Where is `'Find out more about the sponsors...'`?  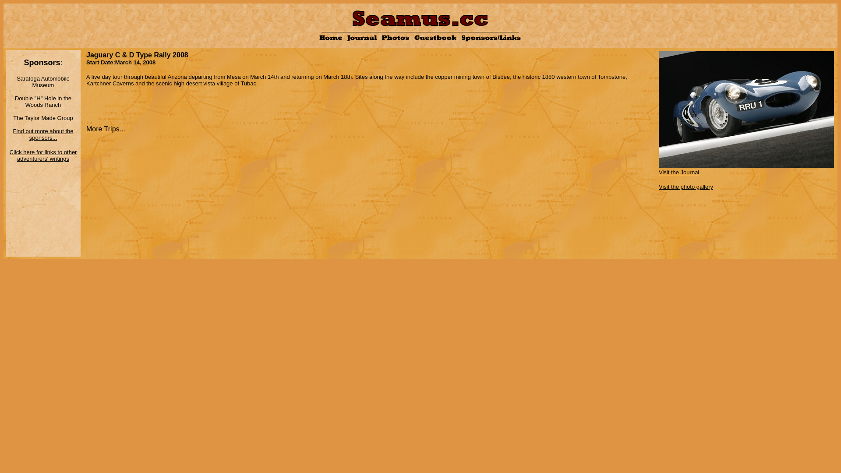
'Find out more about the sponsors...' is located at coordinates (42, 134).